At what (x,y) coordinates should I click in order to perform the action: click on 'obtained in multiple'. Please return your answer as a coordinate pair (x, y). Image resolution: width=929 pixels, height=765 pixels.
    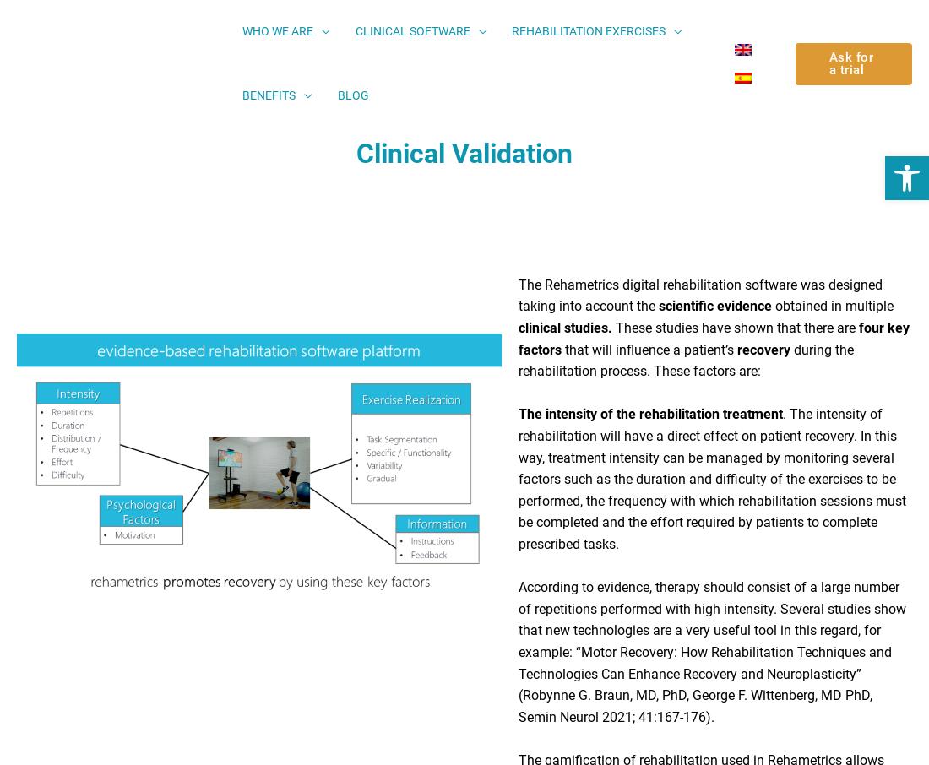
    Looking at the image, I should click on (831, 312).